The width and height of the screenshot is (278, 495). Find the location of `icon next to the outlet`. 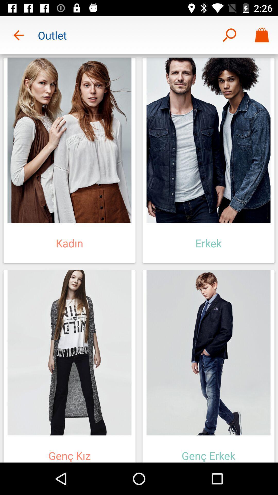

icon next to the outlet is located at coordinates (19, 35).